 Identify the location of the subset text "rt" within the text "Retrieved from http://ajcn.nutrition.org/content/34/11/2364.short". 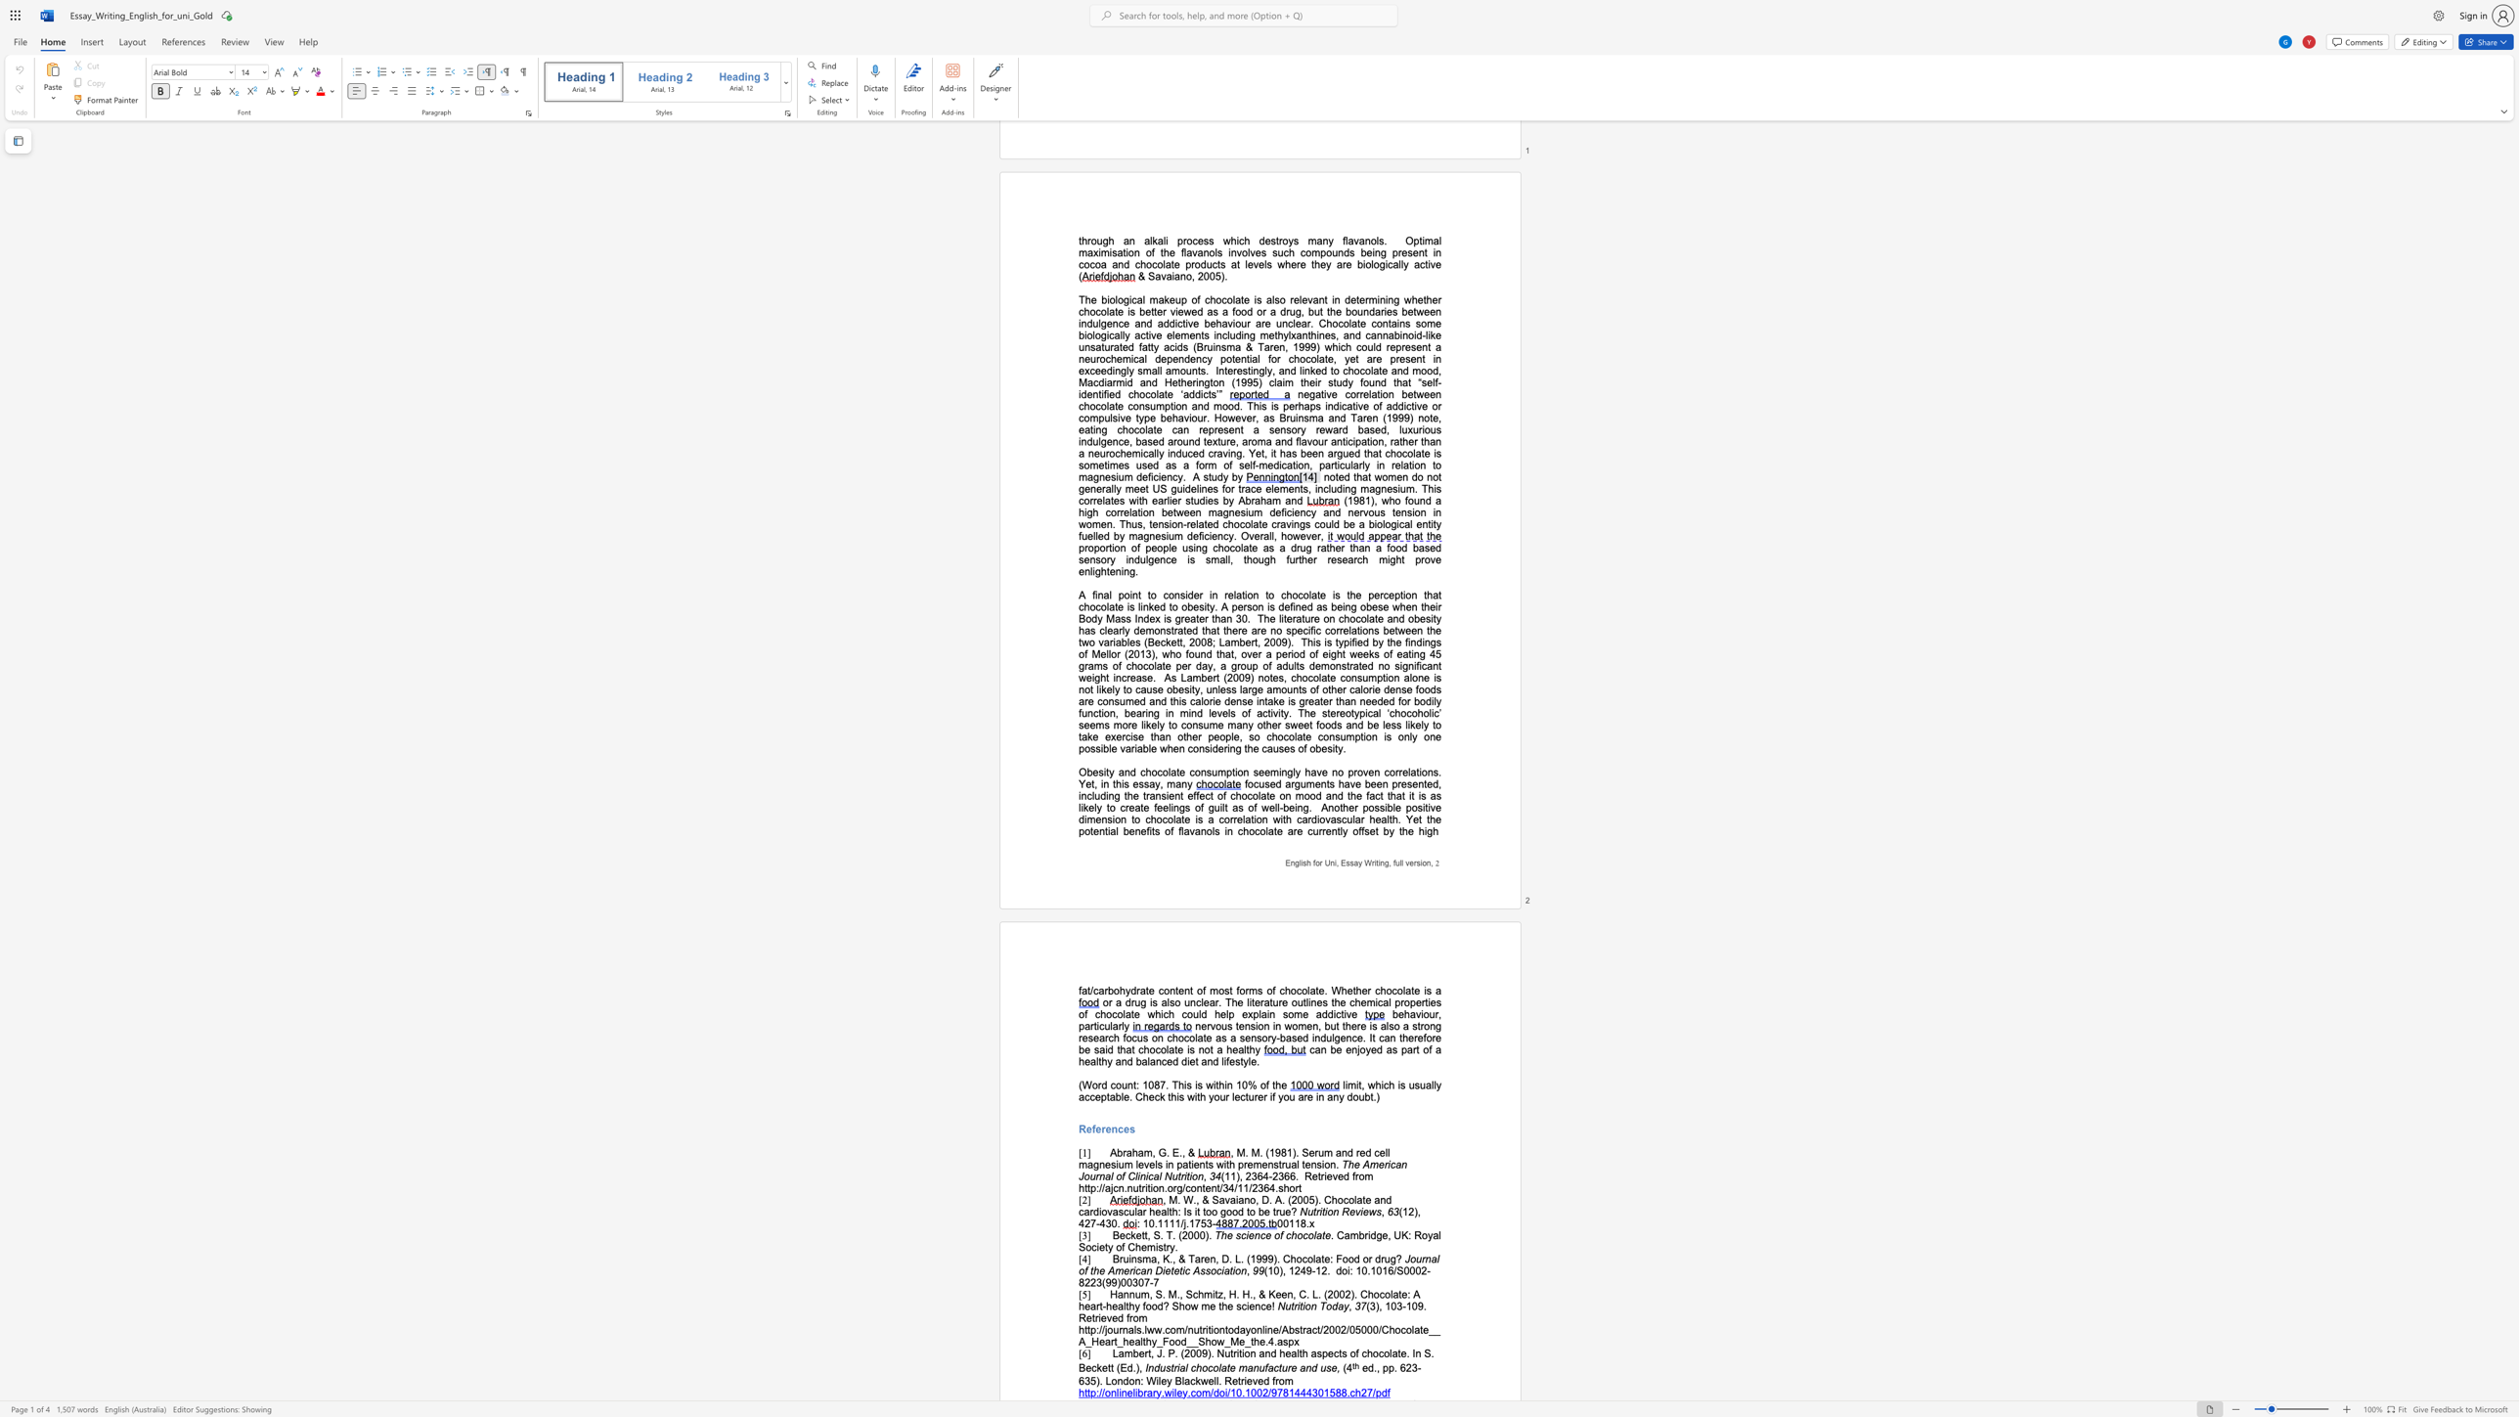
(1295, 1188).